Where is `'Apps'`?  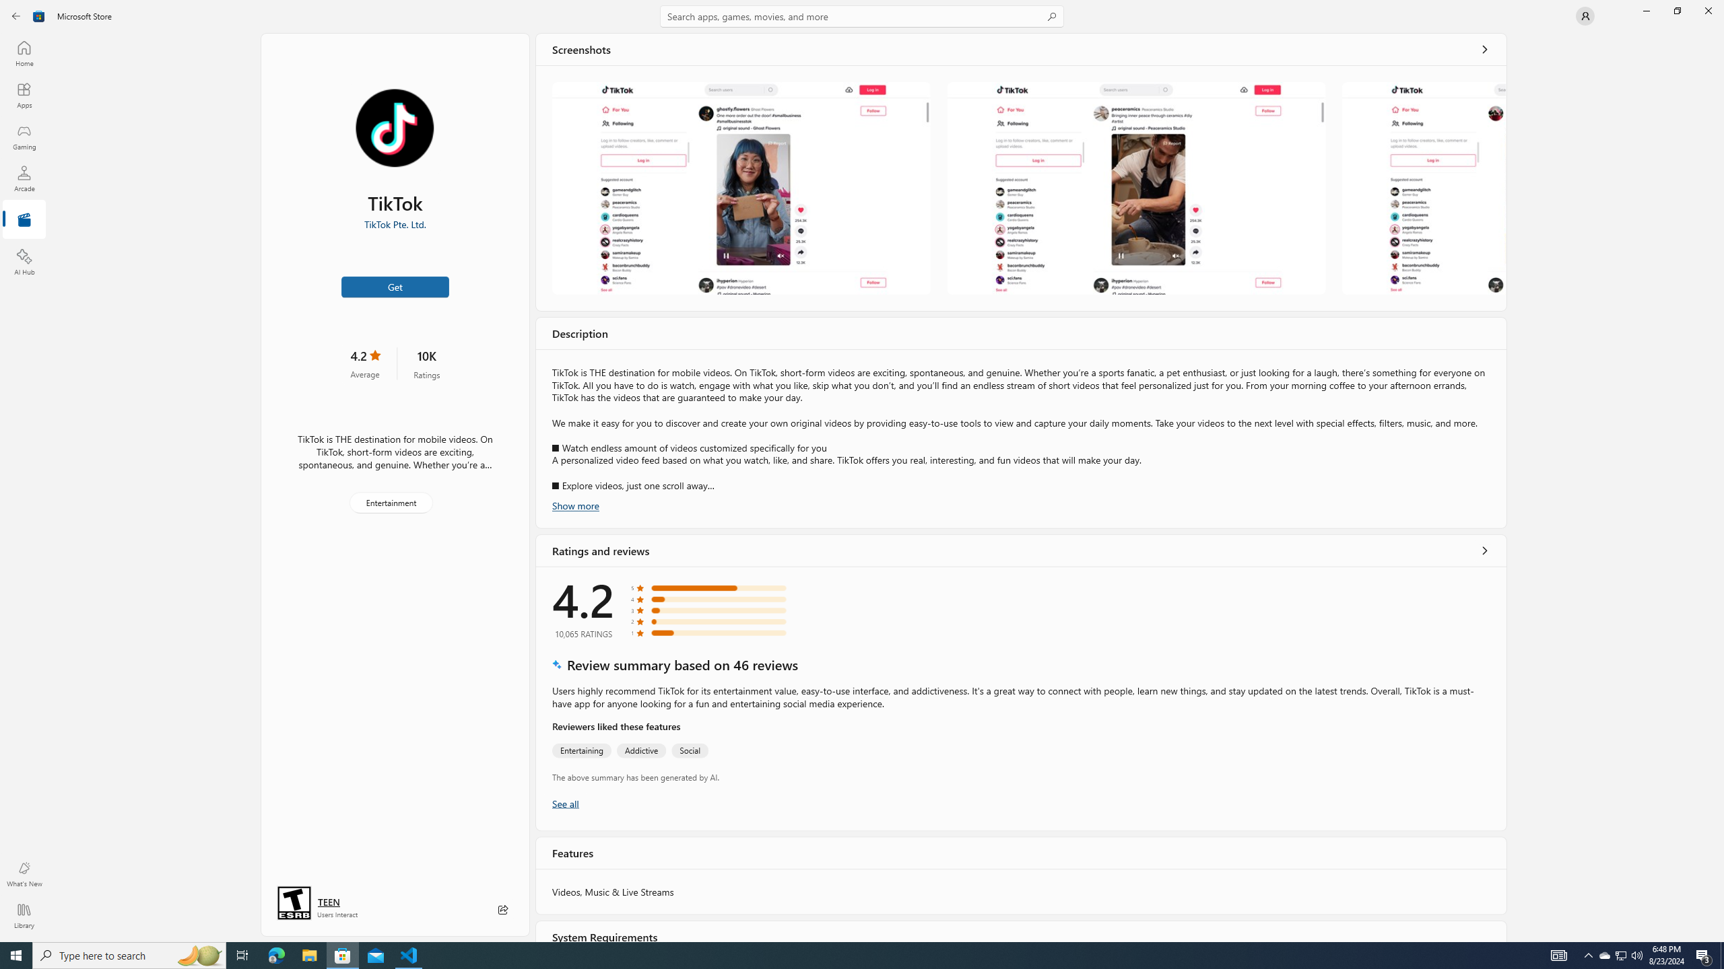 'Apps' is located at coordinates (23, 95).